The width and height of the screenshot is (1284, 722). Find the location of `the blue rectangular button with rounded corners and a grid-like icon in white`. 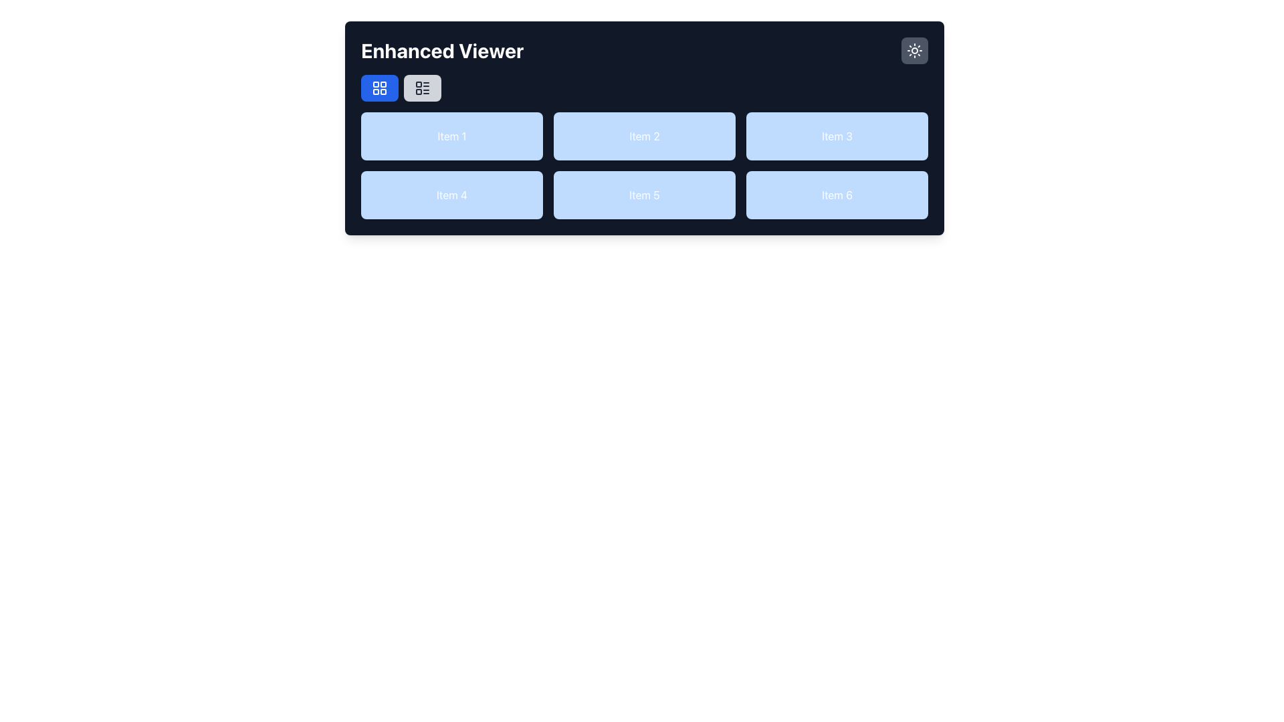

the blue rectangular button with rounded corners and a grid-like icon in white is located at coordinates (379, 88).